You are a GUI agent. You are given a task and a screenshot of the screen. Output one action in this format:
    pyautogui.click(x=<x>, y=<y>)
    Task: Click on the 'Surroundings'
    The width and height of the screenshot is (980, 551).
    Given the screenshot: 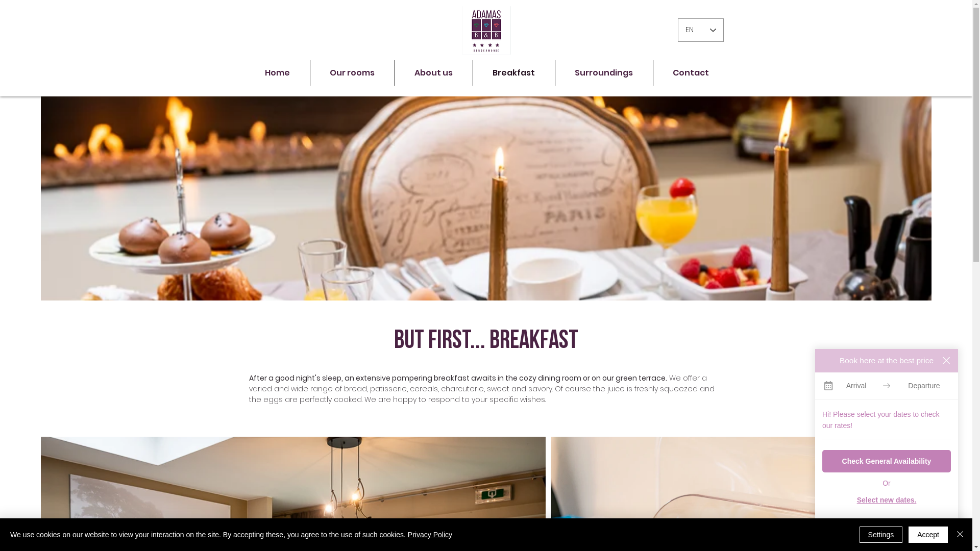 What is the action you would take?
    pyautogui.click(x=604, y=72)
    